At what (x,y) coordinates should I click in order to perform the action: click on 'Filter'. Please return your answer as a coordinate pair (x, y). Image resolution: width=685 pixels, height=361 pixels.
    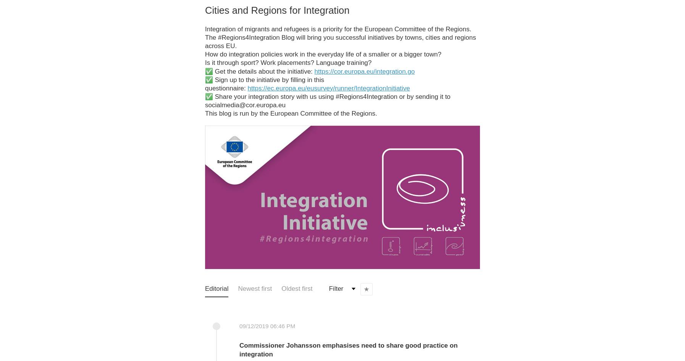
    Looking at the image, I should click on (336, 288).